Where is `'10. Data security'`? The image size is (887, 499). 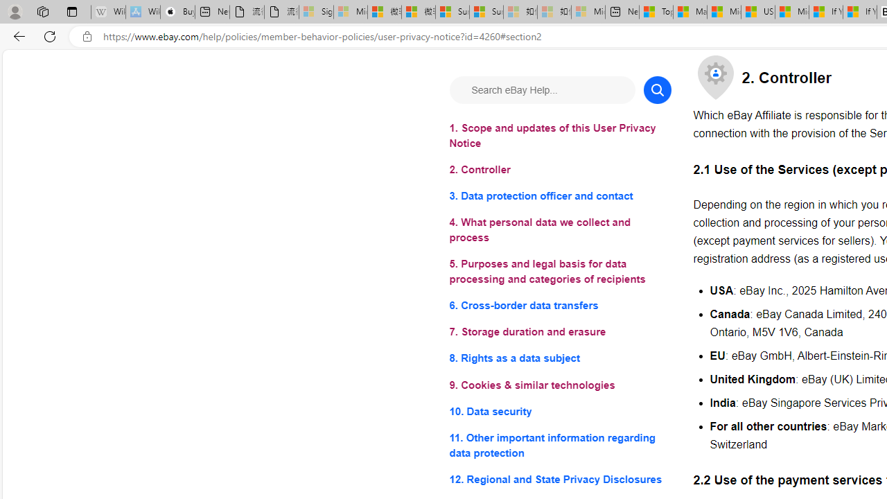
'10. Data security' is located at coordinates (560, 410).